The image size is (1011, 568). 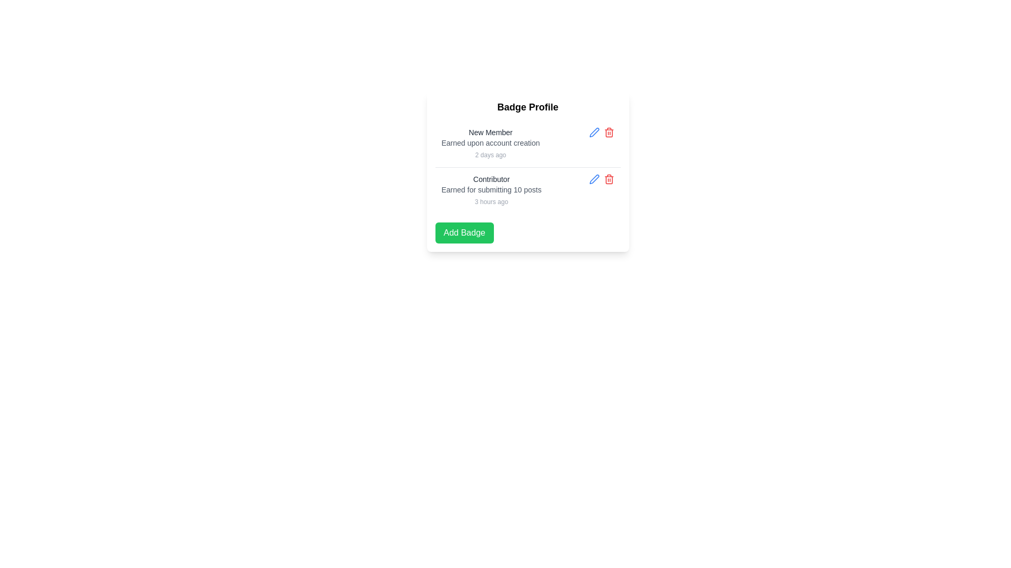 I want to click on the text label that reads 'Earned upon account creation', which is located within the user badge information card, positioned under the title 'New Member', so click(x=490, y=143).